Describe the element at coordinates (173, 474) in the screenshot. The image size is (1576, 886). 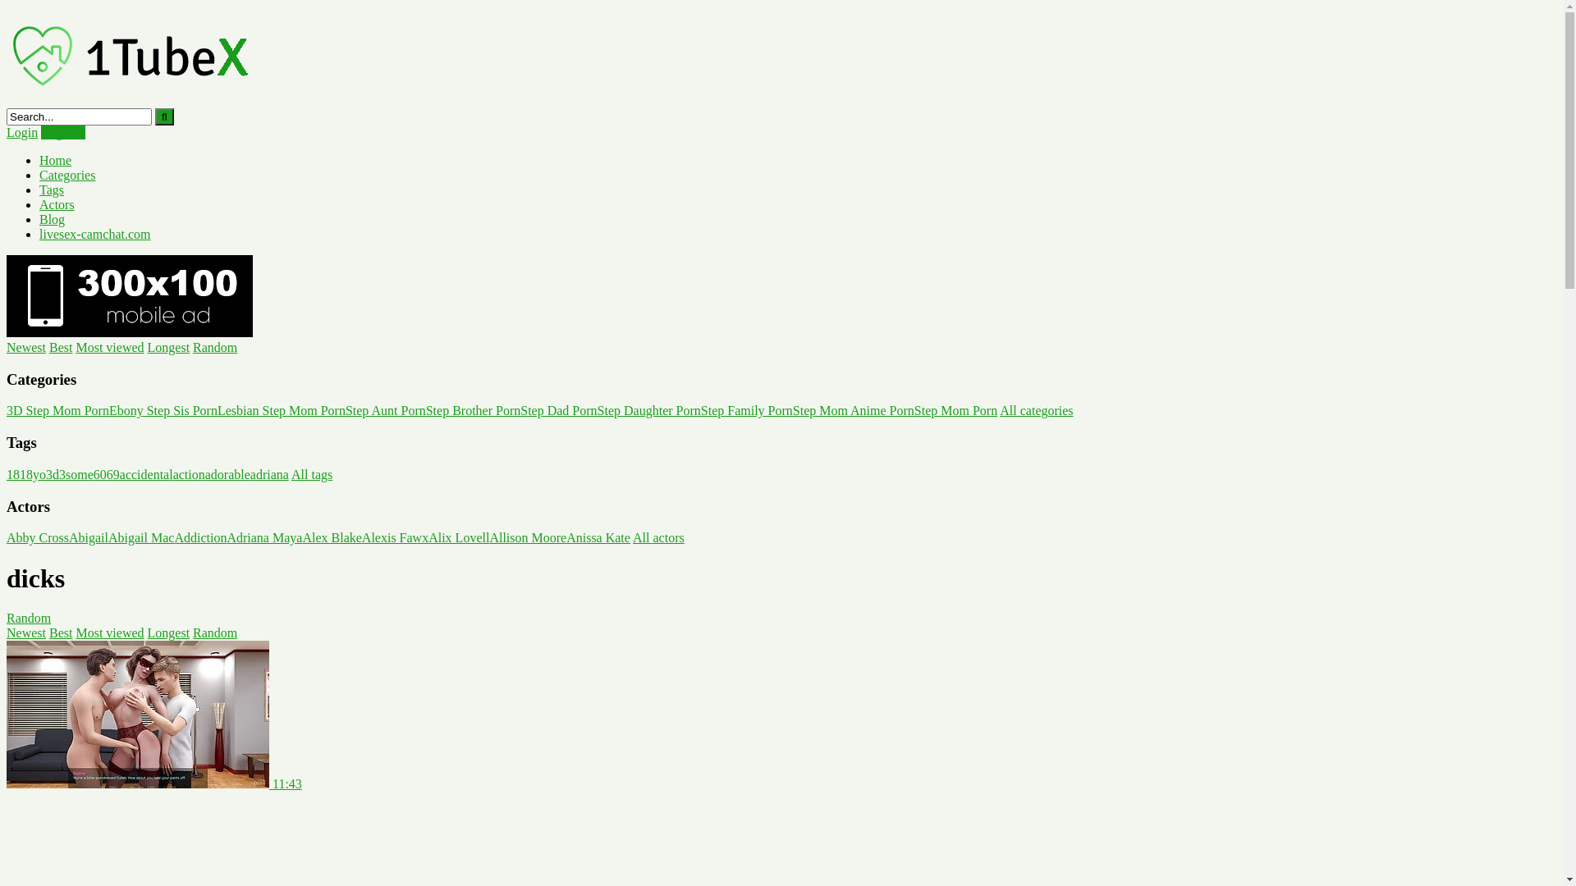
I see `'action'` at that location.